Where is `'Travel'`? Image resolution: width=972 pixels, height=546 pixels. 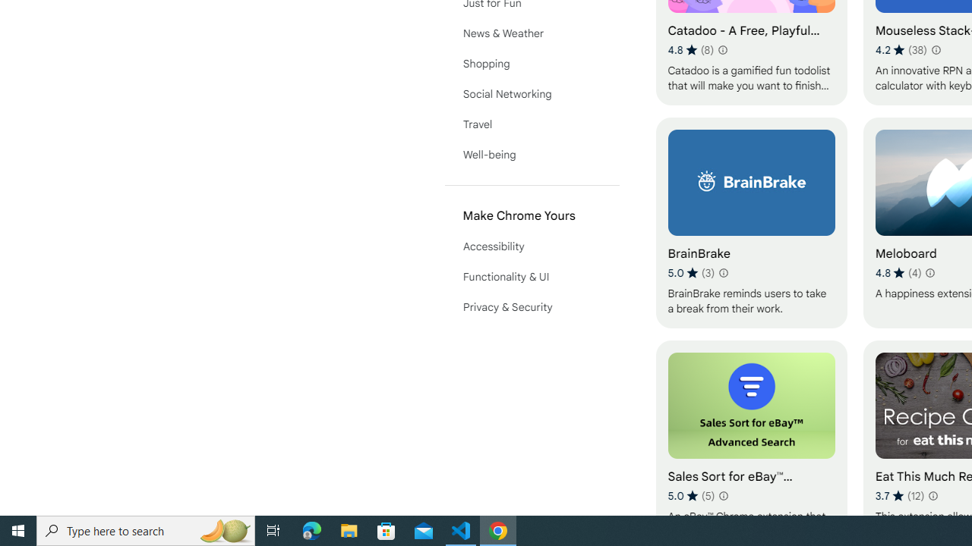
'Travel' is located at coordinates (532, 124).